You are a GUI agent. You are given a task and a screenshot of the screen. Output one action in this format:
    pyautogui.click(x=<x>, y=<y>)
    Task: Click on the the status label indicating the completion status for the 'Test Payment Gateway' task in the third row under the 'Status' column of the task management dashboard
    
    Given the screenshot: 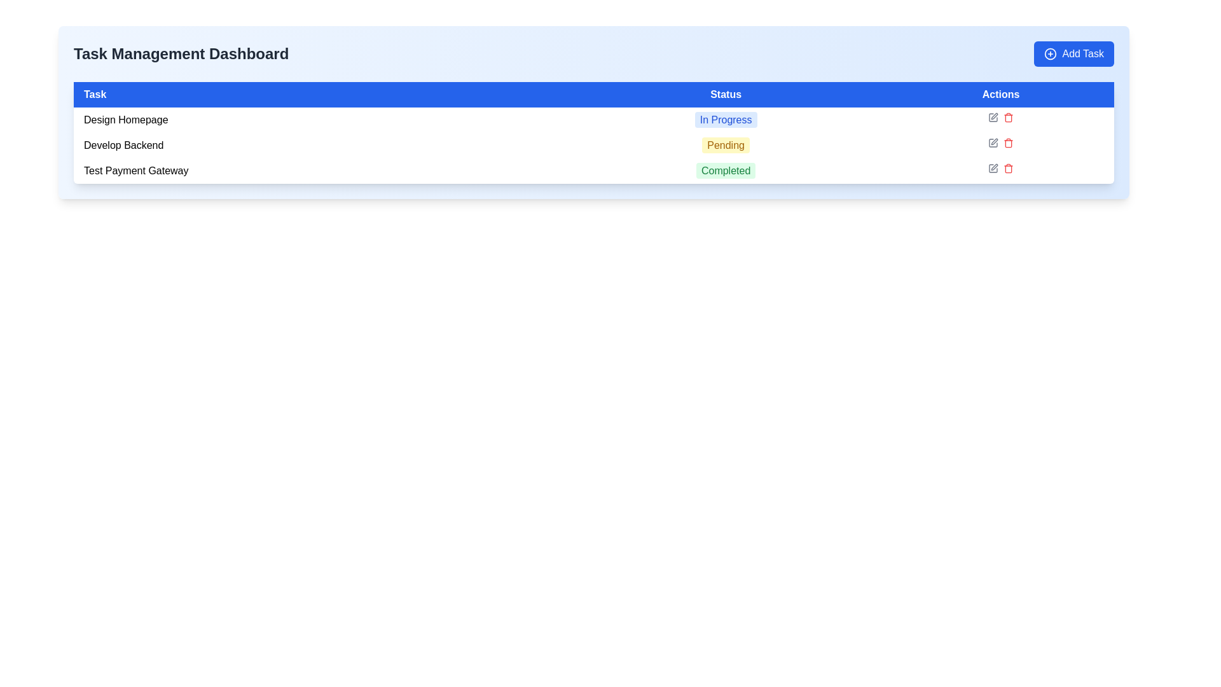 What is the action you would take?
    pyautogui.click(x=726, y=170)
    